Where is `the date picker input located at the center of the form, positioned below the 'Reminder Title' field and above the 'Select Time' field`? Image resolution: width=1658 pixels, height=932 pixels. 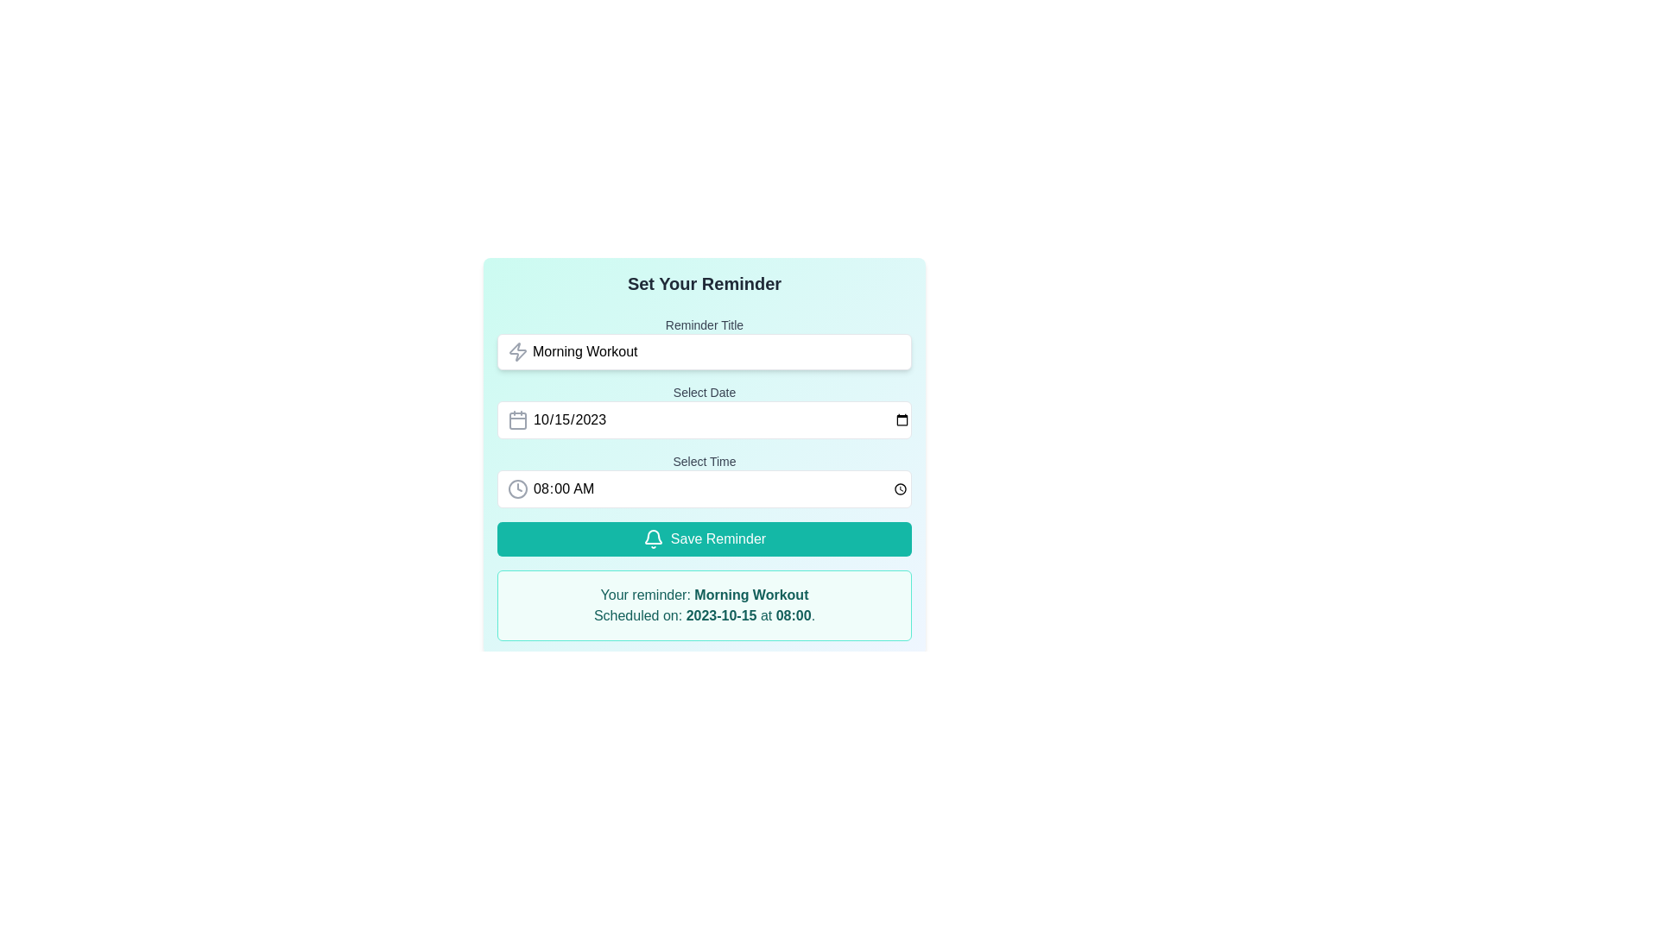
the date picker input located at the center of the form, positioned below the 'Reminder Title' field and above the 'Select Time' field is located at coordinates (705, 412).